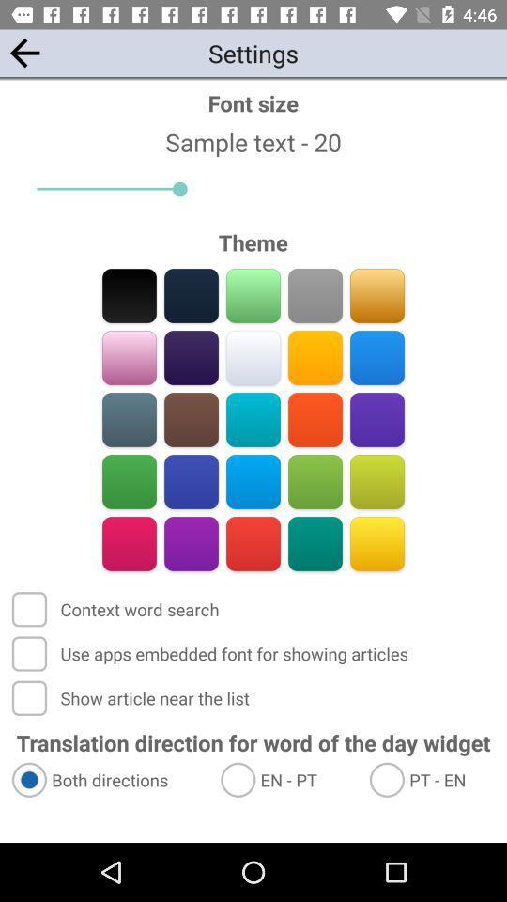 The height and width of the screenshot is (902, 507). Describe the element at coordinates (315, 419) in the screenshot. I see `orange theme color` at that location.